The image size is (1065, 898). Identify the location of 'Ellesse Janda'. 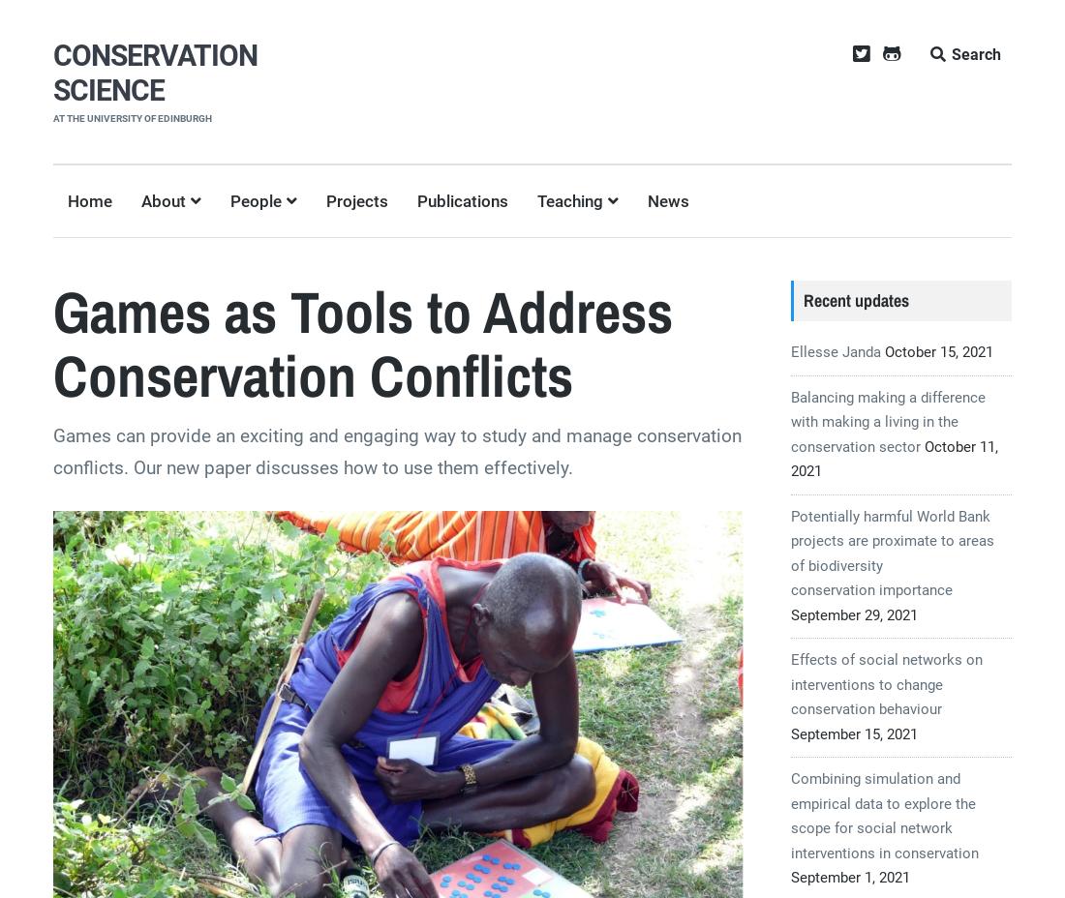
(835, 351).